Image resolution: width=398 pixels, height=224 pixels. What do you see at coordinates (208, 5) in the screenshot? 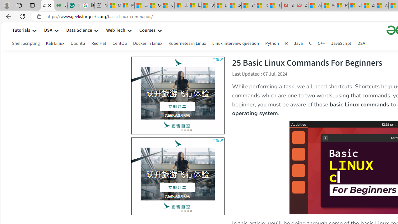
I see `'USA TODAY - MSN'` at bounding box center [208, 5].